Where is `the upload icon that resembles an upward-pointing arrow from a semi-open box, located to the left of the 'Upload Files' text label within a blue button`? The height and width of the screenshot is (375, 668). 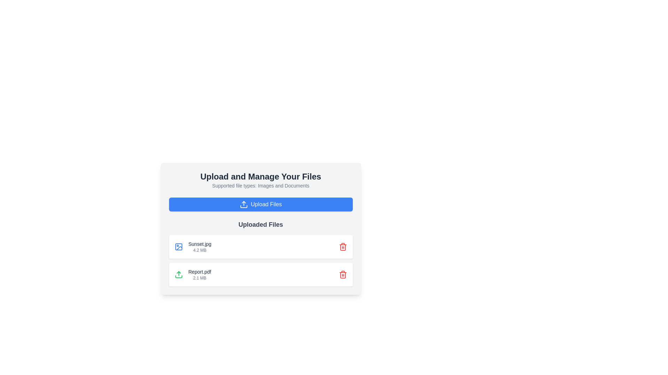 the upload icon that resembles an upward-pointing arrow from a semi-open box, located to the left of the 'Upload Files' text label within a blue button is located at coordinates (244, 204).